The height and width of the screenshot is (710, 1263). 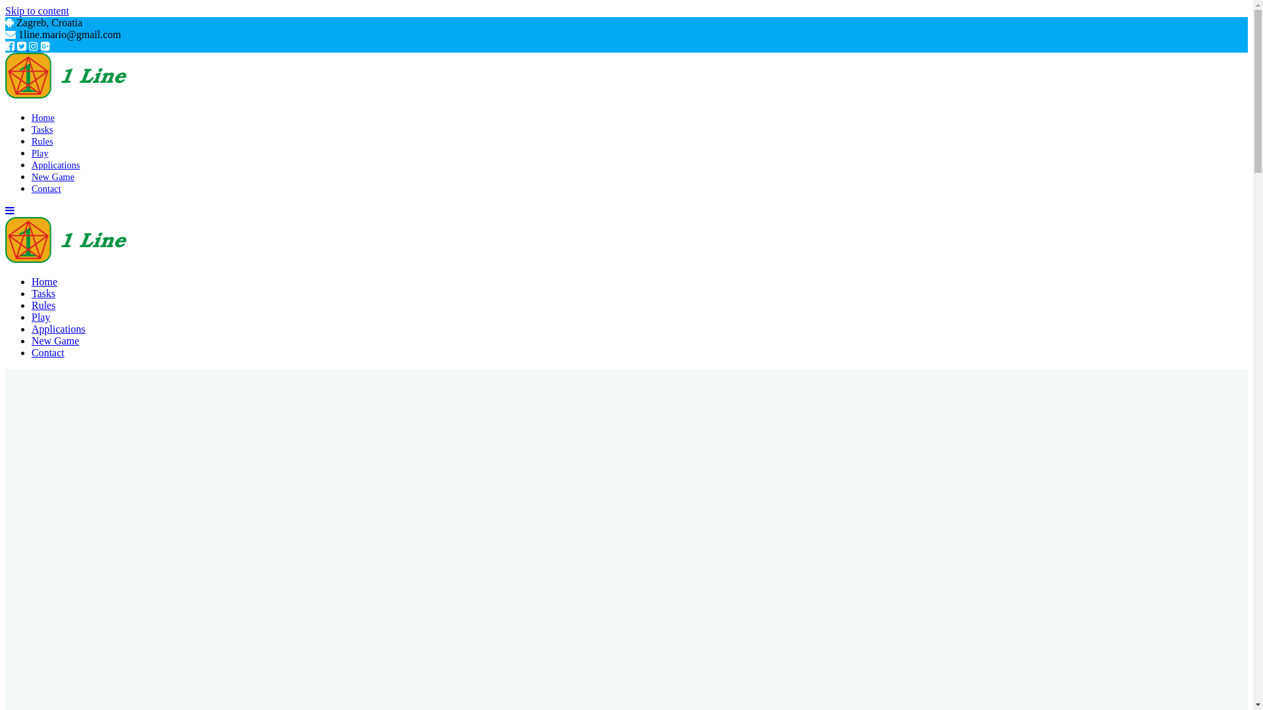 What do you see at coordinates (40, 152) in the screenshot?
I see `'Play'` at bounding box center [40, 152].